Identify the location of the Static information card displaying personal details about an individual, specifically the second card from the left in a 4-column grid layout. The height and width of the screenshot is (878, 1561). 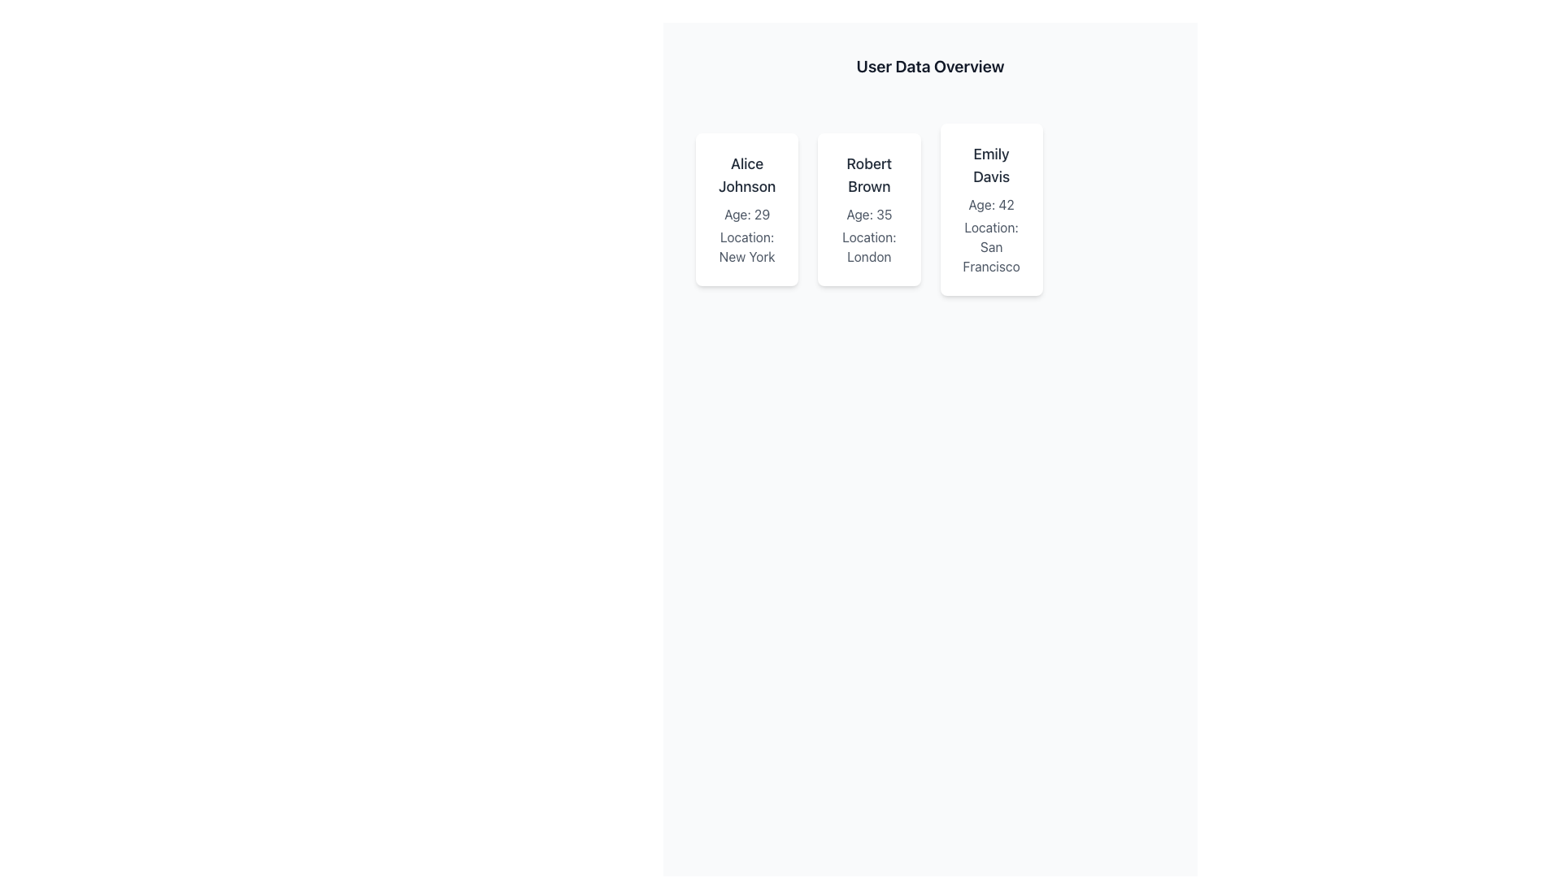
(868, 209).